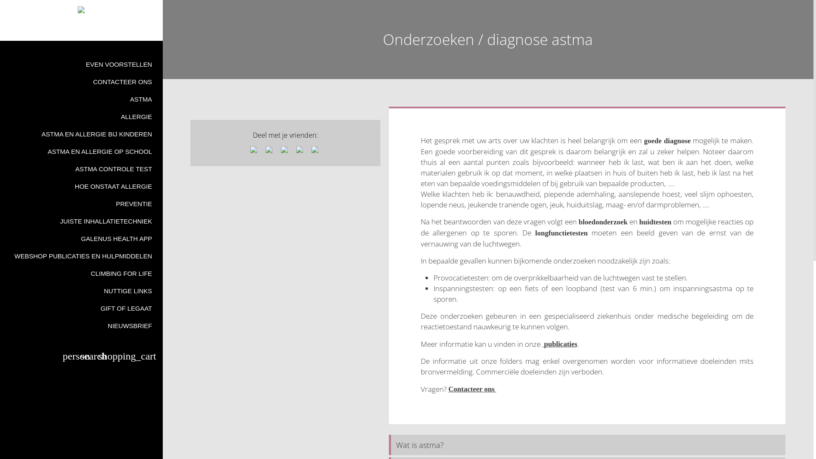 Image resolution: width=816 pixels, height=459 pixels. Describe the element at coordinates (472, 388) in the screenshot. I see `'Contacteer ons '` at that location.